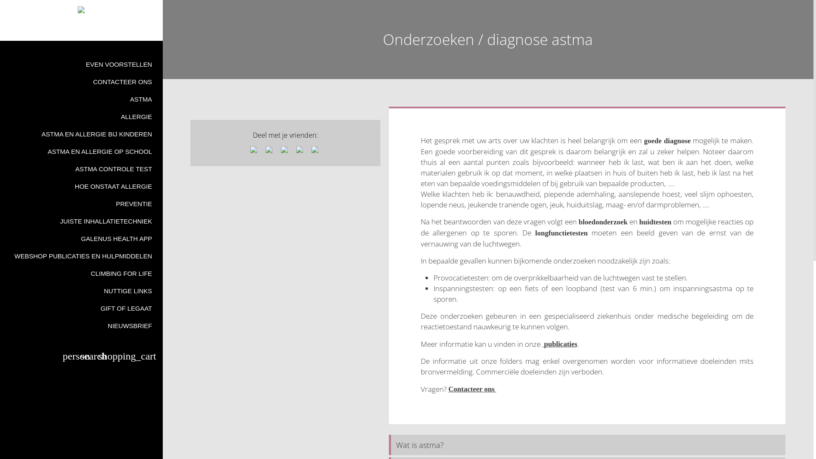 Image resolution: width=816 pixels, height=459 pixels. Describe the element at coordinates (472, 388) in the screenshot. I see `'Contacteer ons '` at that location.